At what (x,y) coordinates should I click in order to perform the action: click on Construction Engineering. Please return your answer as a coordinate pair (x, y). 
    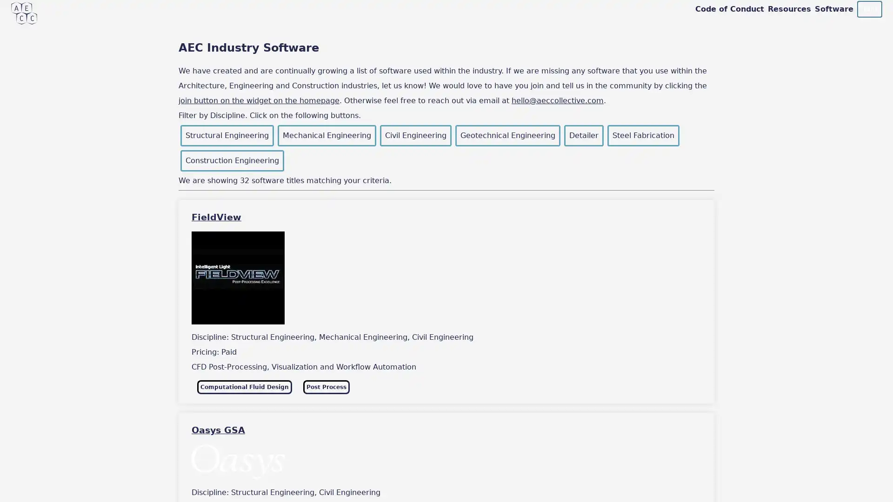
    Looking at the image, I should click on (232, 160).